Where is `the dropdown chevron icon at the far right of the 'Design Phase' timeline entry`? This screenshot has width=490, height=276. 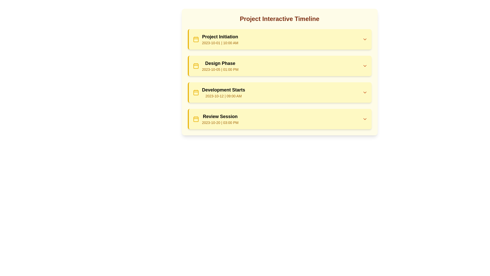 the dropdown chevron icon at the far right of the 'Design Phase' timeline entry is located at coordinates (364, 66).